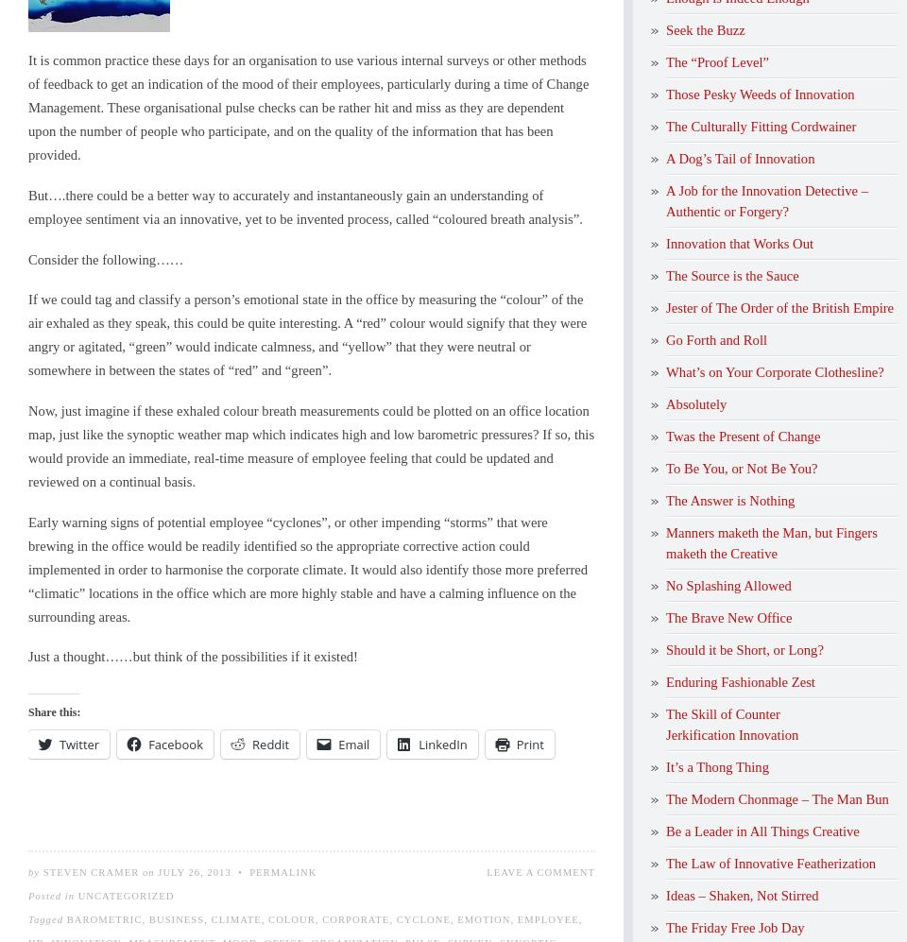 This screenshot has height=942, width=907. I want to click on 'Consider the following……', so click(106, 258).